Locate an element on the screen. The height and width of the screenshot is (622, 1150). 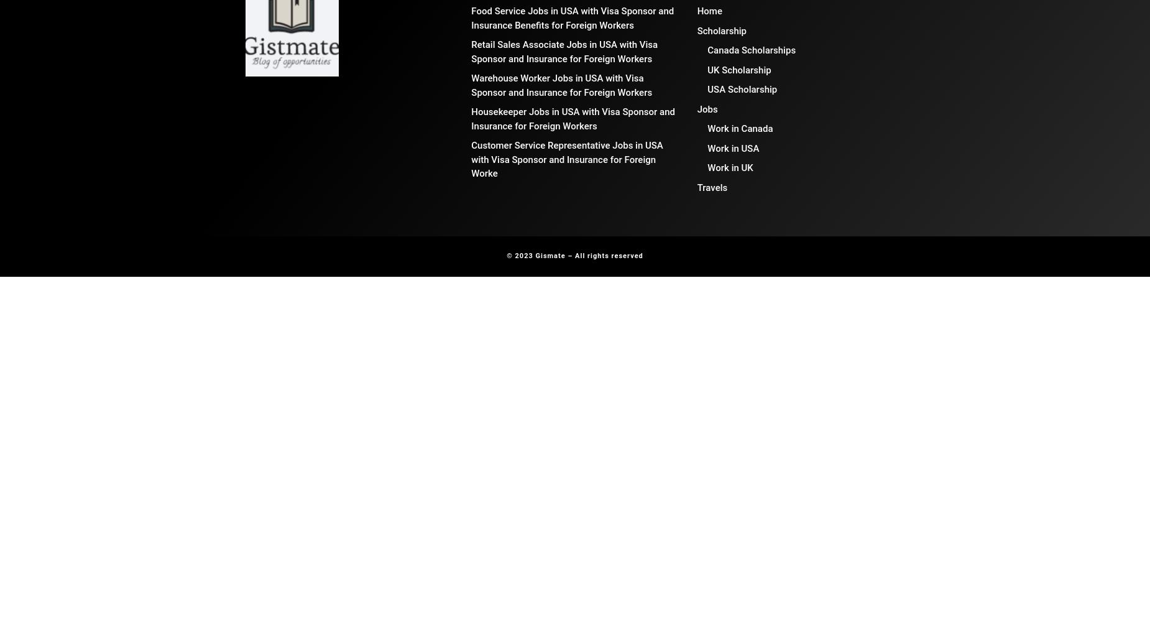
'USA Scholarship' is located at coordinates (741, 90).